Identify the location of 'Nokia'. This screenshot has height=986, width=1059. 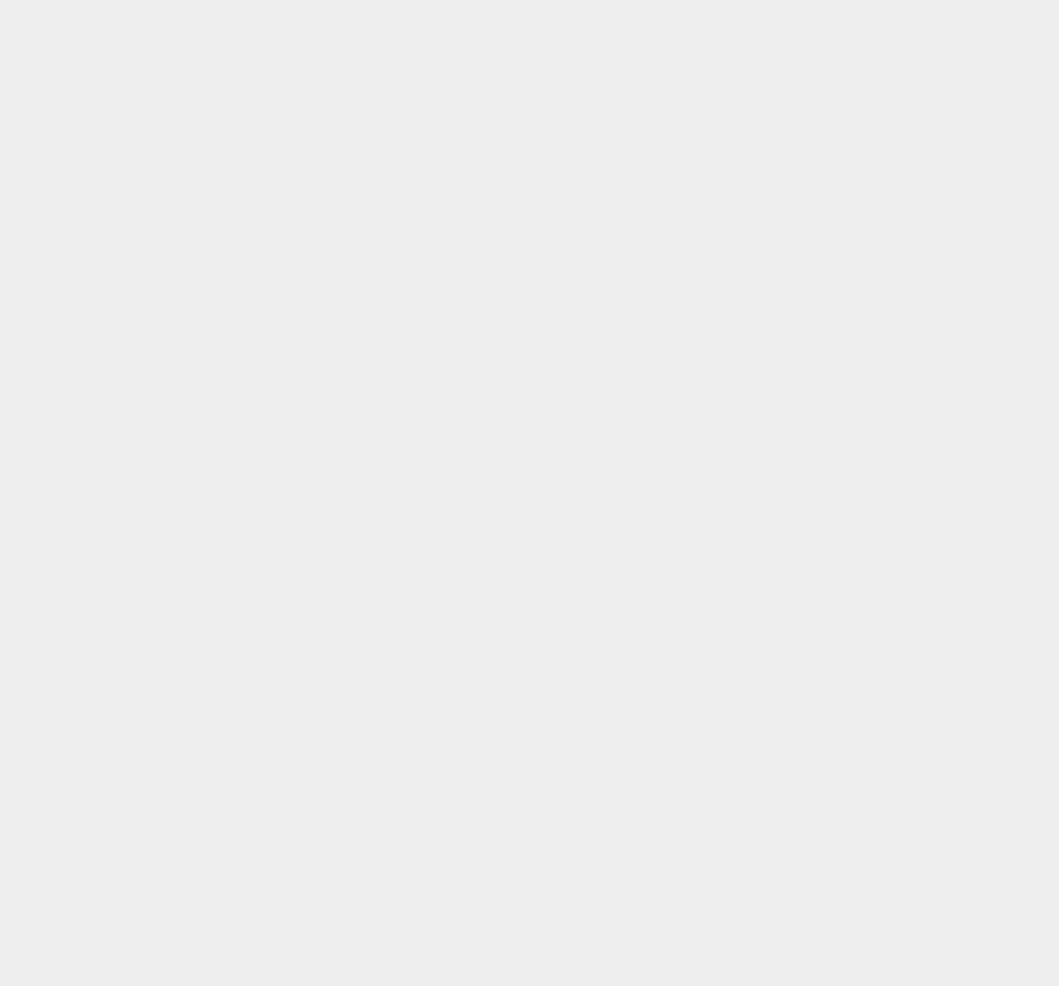
(748, 156).